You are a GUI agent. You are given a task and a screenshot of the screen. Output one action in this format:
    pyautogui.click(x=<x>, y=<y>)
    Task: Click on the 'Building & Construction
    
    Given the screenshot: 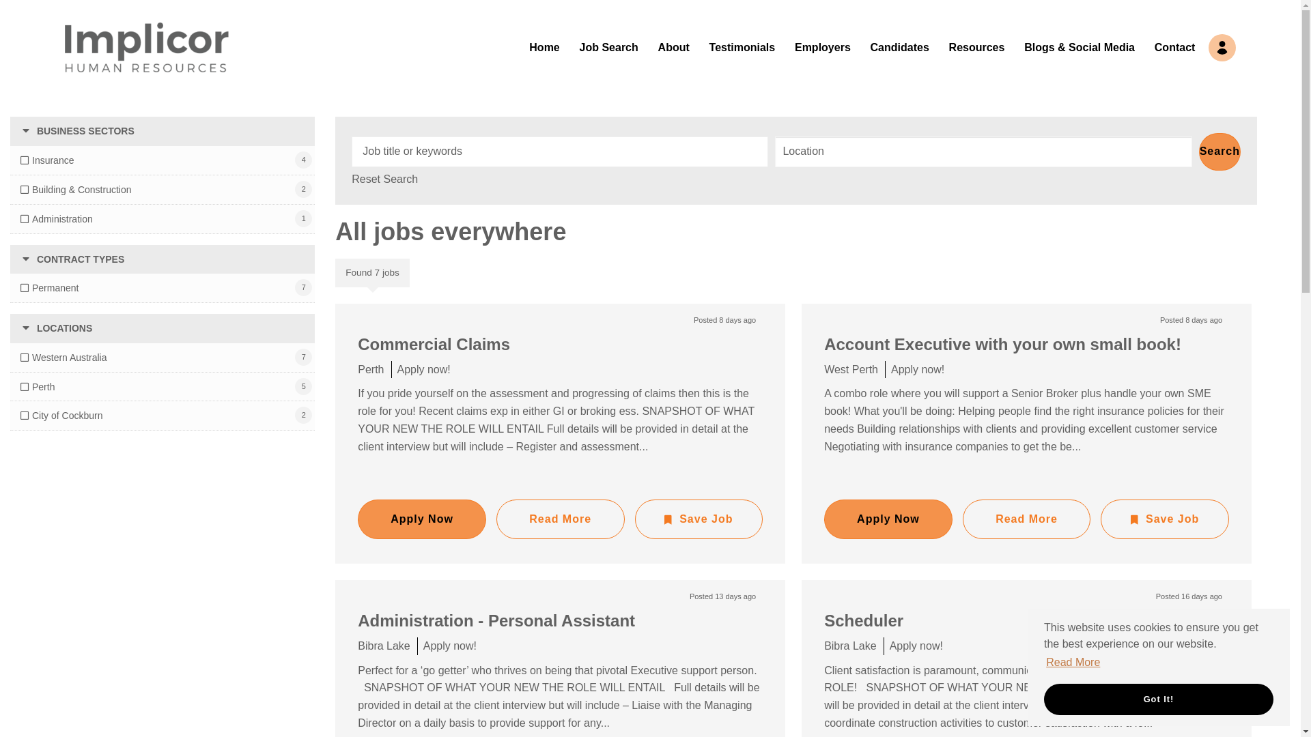 What is the action you would take?
    pyautogui.click(x=75, y=189)
    